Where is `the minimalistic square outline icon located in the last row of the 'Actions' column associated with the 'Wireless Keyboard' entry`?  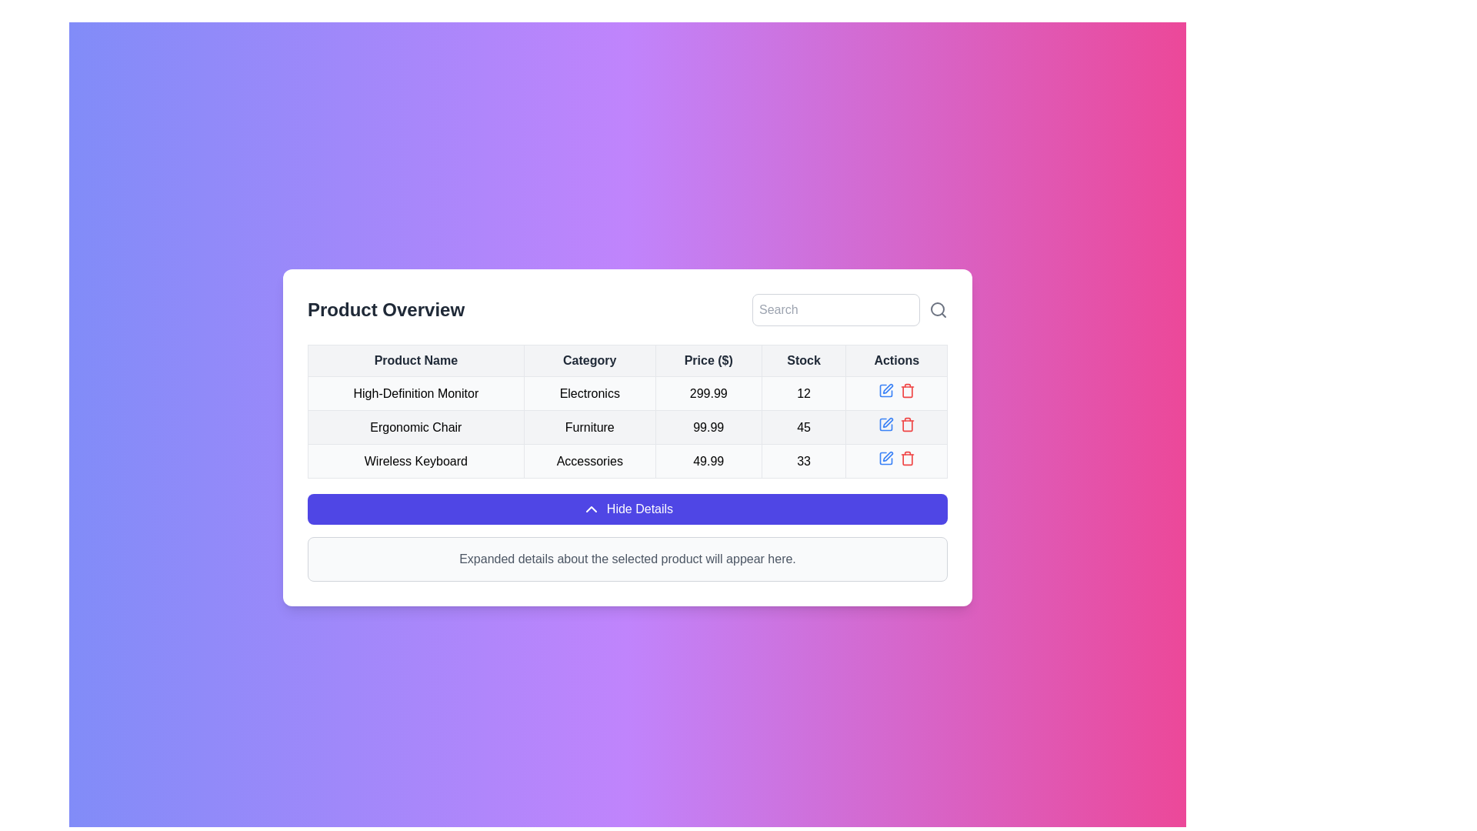 the minimalistic square outline icon located in the last row of the 'Actions' column associated with the 'Wireless Keyboard' entry is located at coordinates (885, 390).